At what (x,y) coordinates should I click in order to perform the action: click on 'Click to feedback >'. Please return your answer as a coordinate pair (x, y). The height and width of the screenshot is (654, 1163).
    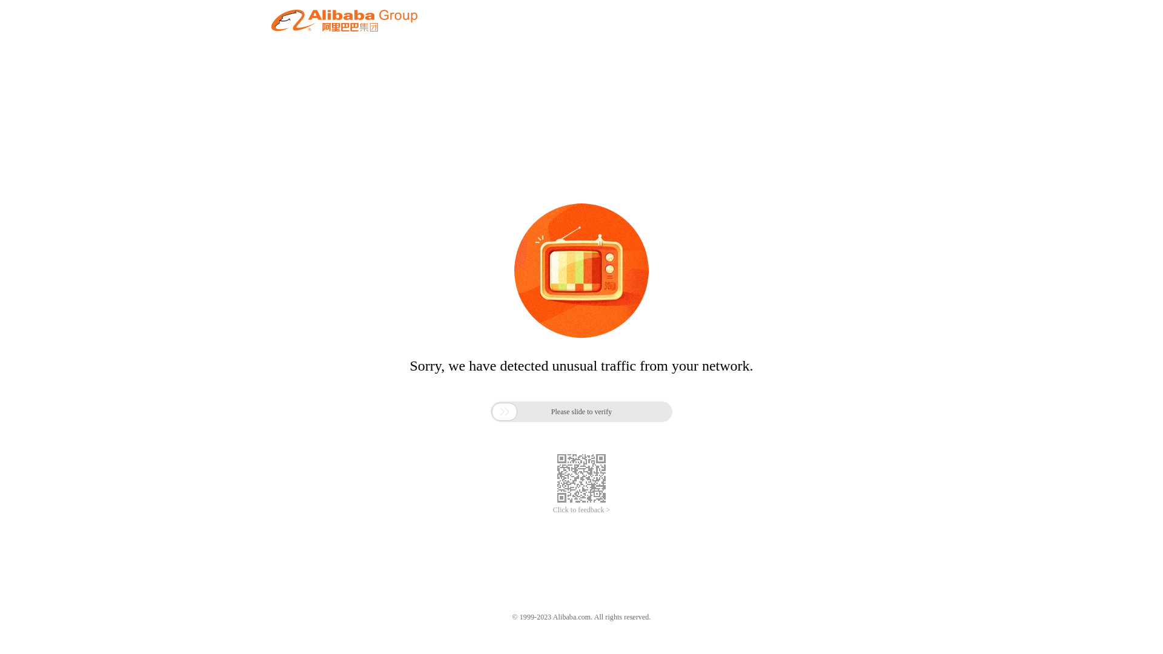
    Looking at the image, I should click on (581, 510).